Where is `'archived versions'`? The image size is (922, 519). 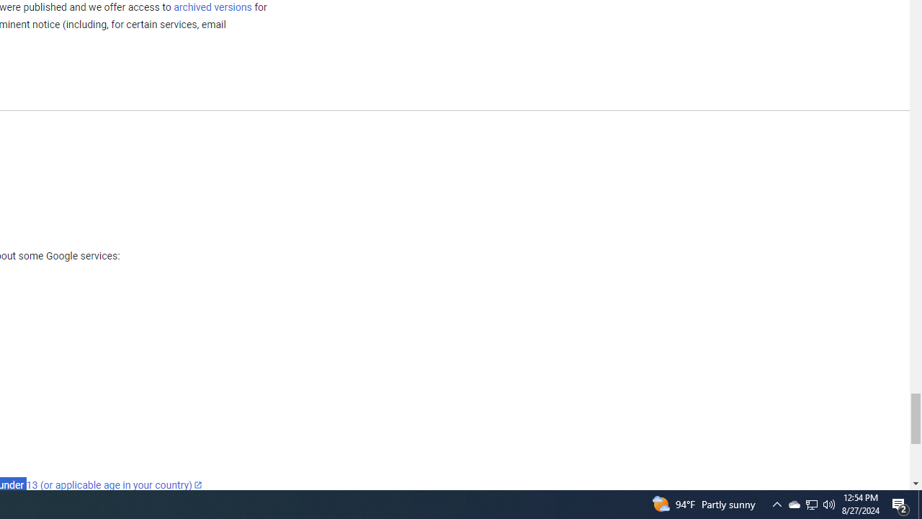
'archived versions' is located at coordinates (212, 6).